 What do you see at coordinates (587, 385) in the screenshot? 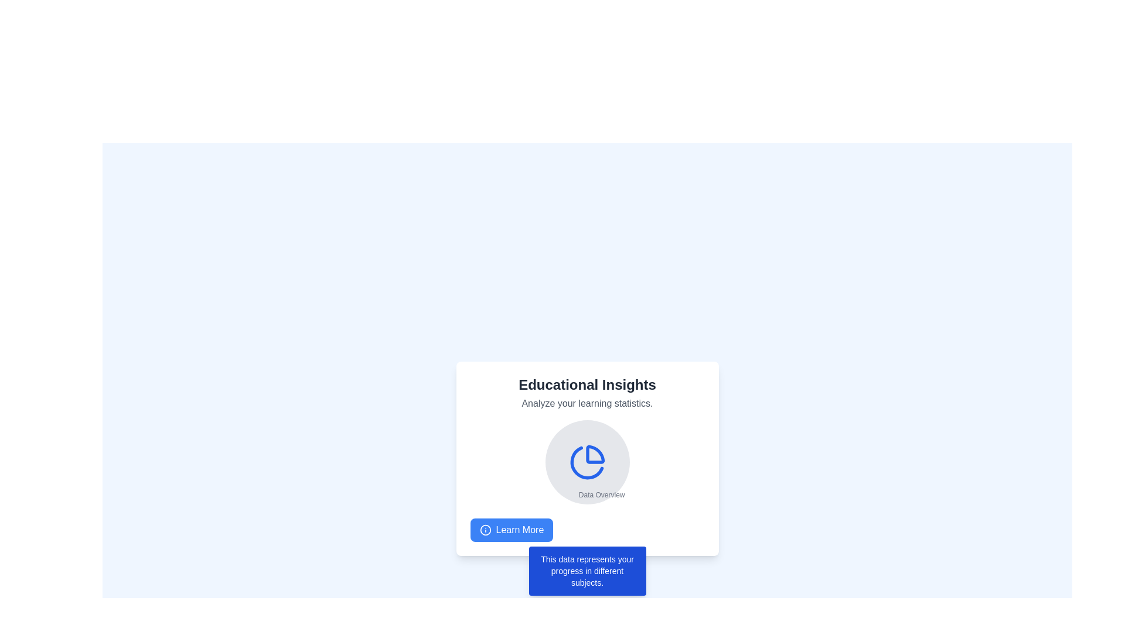
I see `the text header displaying 'Educational Insights' in bold and dark-gray font, located at the top of the card-style user interface section` at bounding box center [587, 385].